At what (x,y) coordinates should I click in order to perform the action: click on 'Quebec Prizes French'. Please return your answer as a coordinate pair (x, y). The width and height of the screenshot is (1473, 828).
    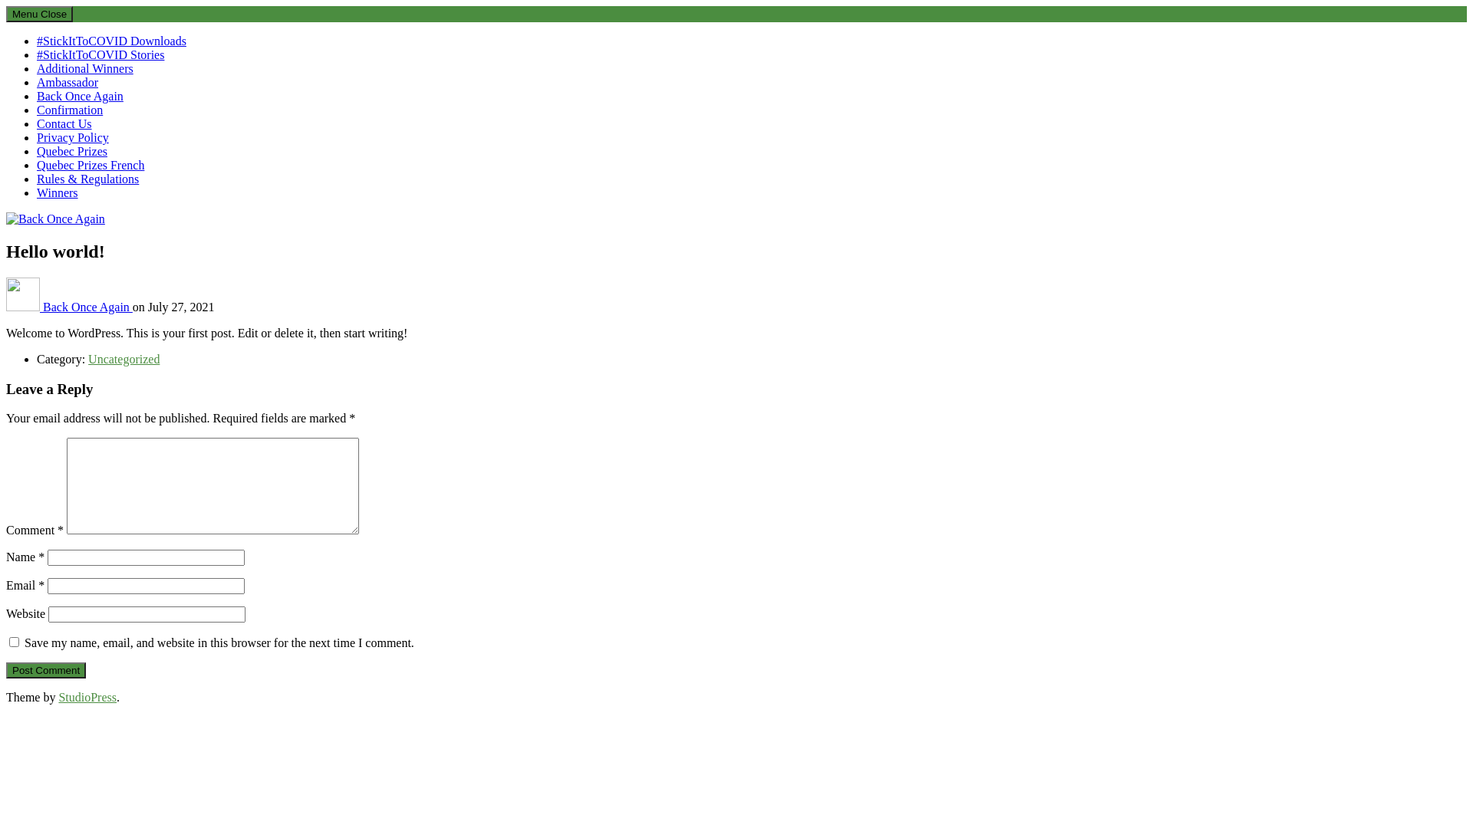
    Looking at the image, I should click on (90, 165).